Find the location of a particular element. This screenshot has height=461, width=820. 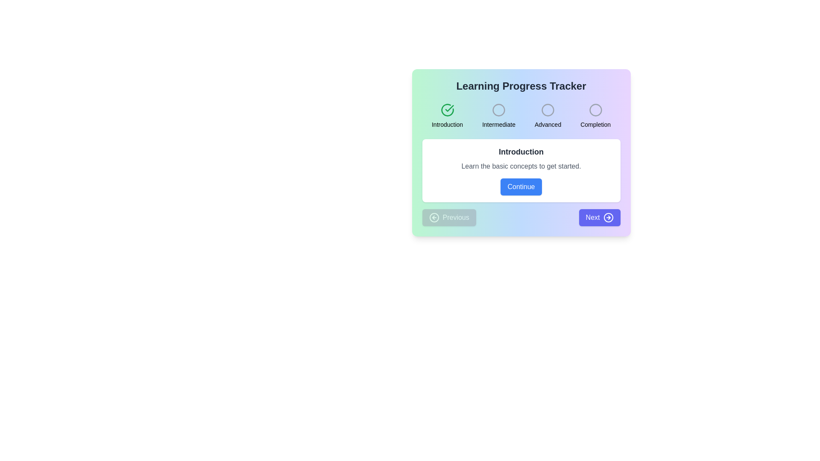

the circular green bordered icon with a checkmark inside, indicating completion, located near the top-left of the progress tracker, above 'Introduction' is located at coordinates (447, 110).